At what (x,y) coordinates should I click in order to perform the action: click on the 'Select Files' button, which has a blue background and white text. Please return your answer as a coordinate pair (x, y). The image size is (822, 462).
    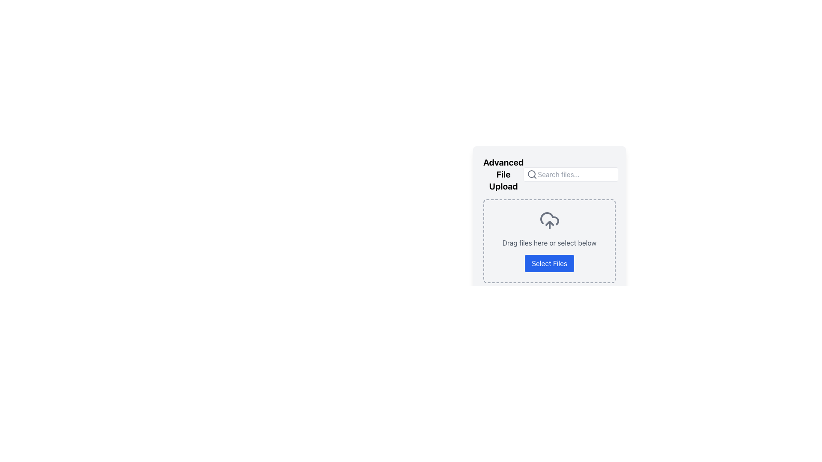
    Looking at the image, I should click on (549, 263).